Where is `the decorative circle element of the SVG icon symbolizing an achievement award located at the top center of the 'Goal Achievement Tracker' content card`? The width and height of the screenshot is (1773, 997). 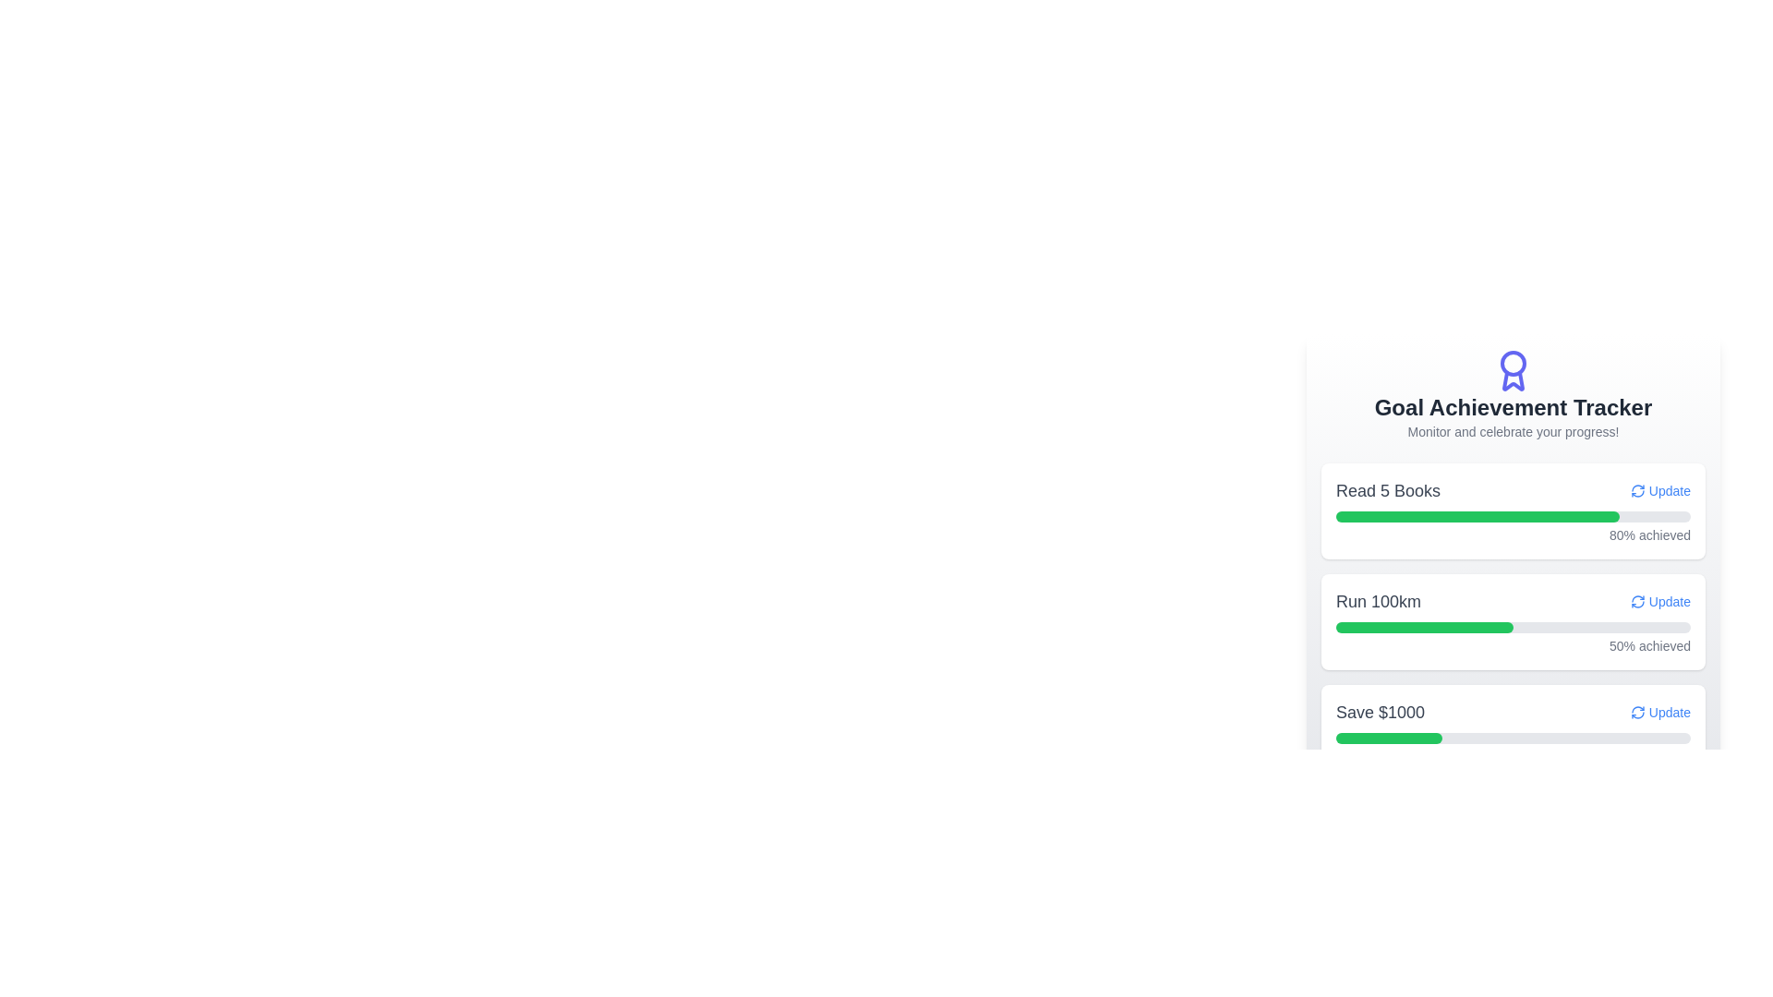
the decorative circle element of the SVG icon symbolizing an achievement award located at the top center of the 'Goal Achievement Tracker' content card is located at coordinates (1513, 363).